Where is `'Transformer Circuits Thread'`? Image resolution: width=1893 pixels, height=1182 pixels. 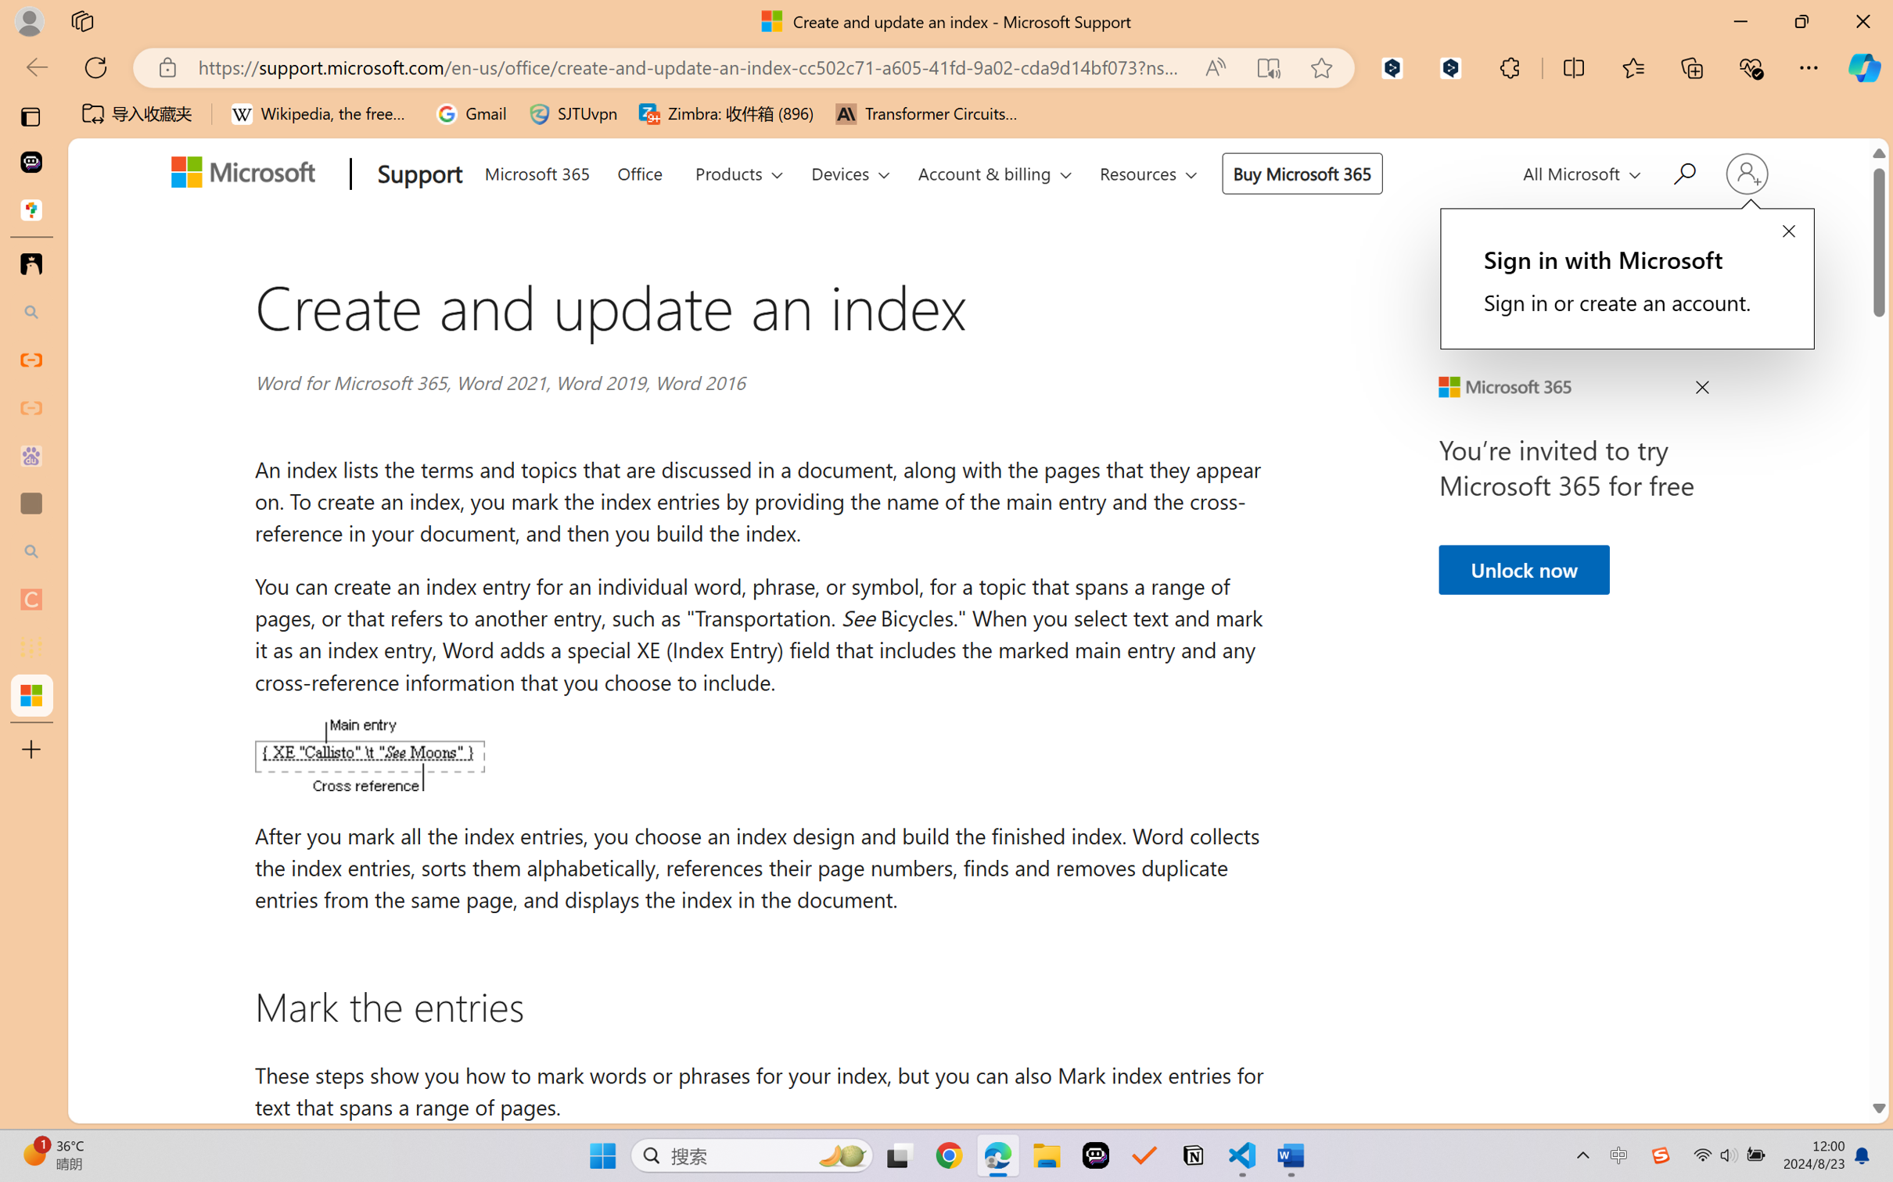 'Transformer Circuits Thread' is located at coordinates (926, 113).